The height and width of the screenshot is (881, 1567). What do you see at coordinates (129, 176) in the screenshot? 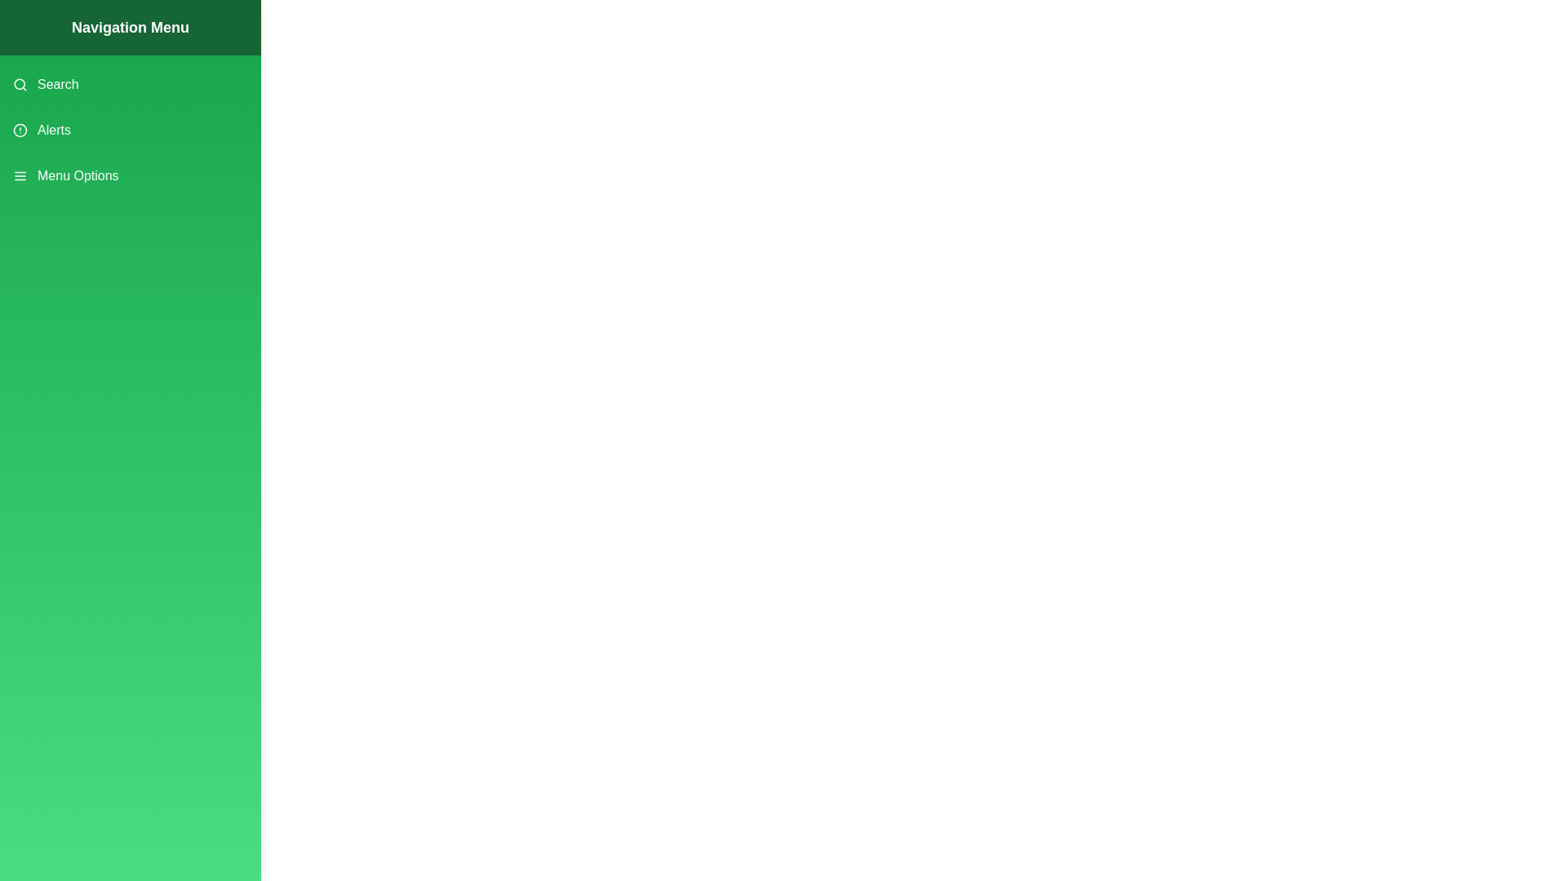
I see `the menu item Menu Options to observe its hover effect` at bounding box center [129, 176].